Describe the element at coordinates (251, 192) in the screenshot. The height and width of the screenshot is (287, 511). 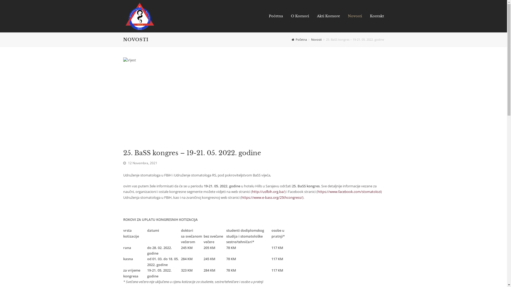
I see `'http://usfbih.org.ba/)'` at that location.